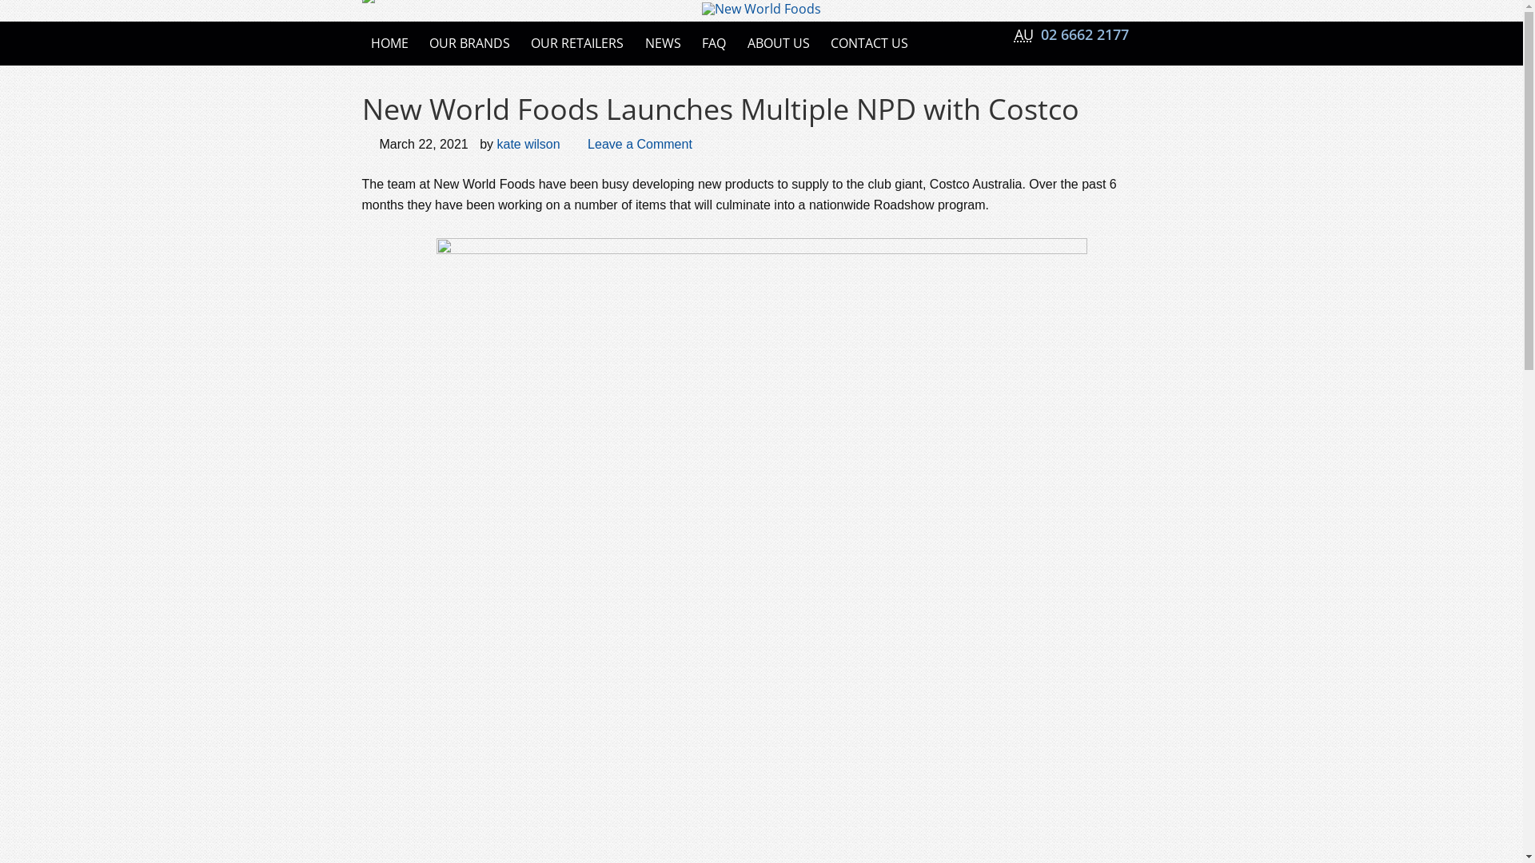  What do you see at coordinates (495, 144) in the screenshot?
I see `'kate wilson'` at bounding box center [495, 144].